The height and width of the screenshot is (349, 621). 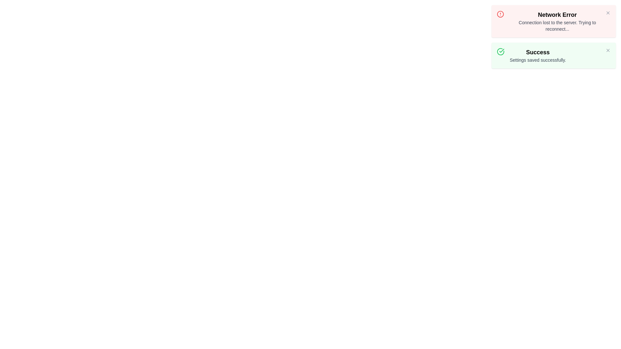 What do you see at coordinates (501, 50) in the screenshot?
I see `the green checkmark icon within the success message panel located in the top-right corner of the interface` at bounding box center [501, 50].